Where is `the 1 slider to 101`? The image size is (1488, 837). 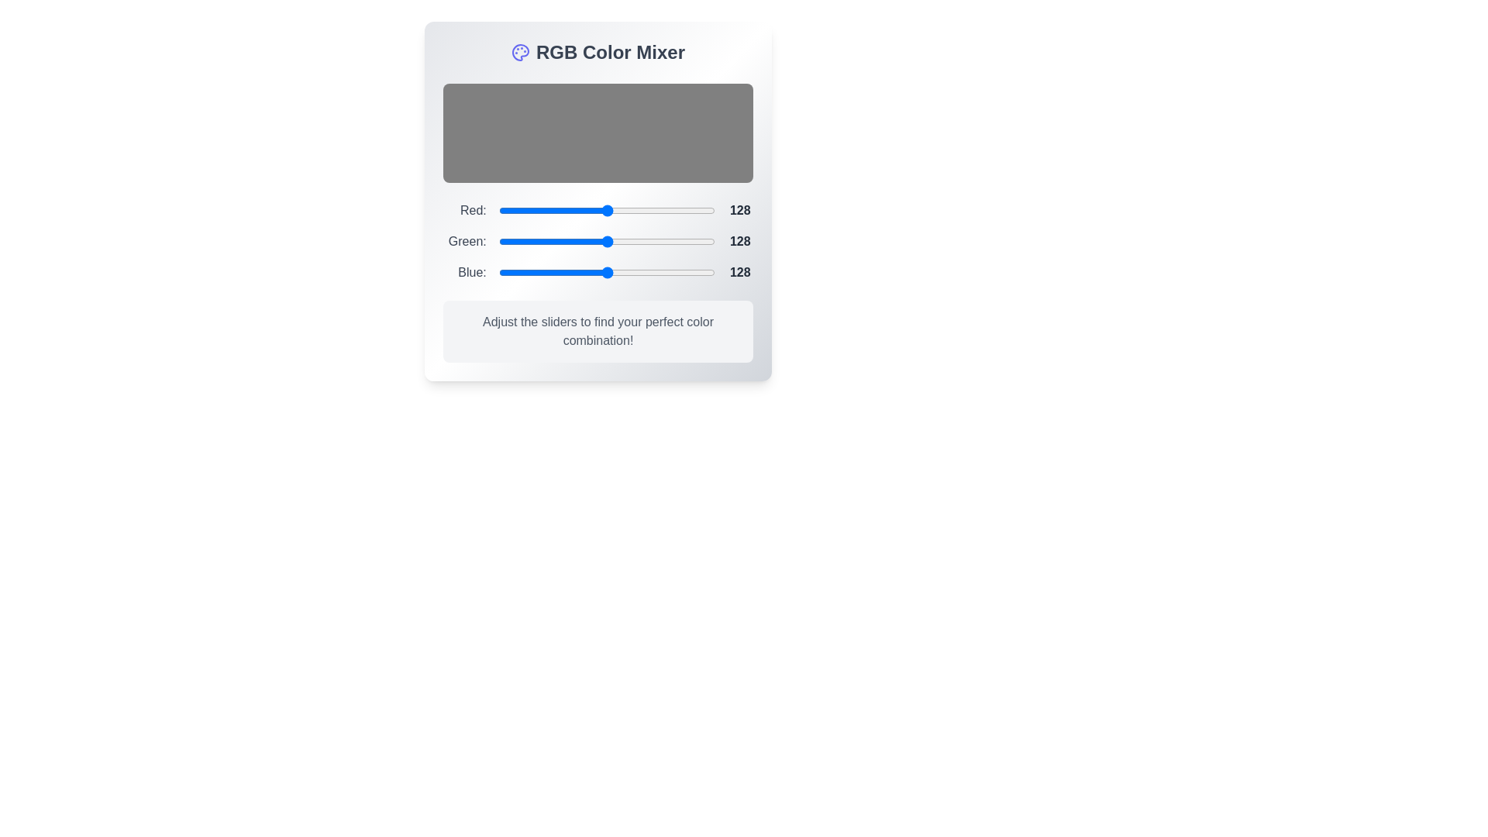
the 1 slider to 101 is located at coordinates (584, 242).